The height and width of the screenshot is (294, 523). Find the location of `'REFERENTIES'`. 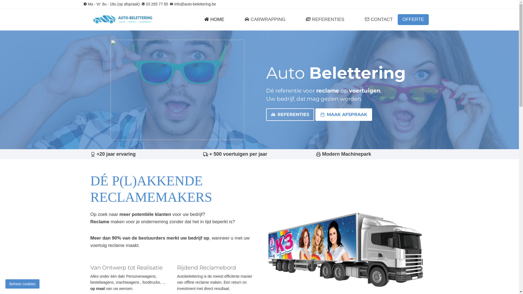

'REFERENTIES' is located at coordinates (266, 114).